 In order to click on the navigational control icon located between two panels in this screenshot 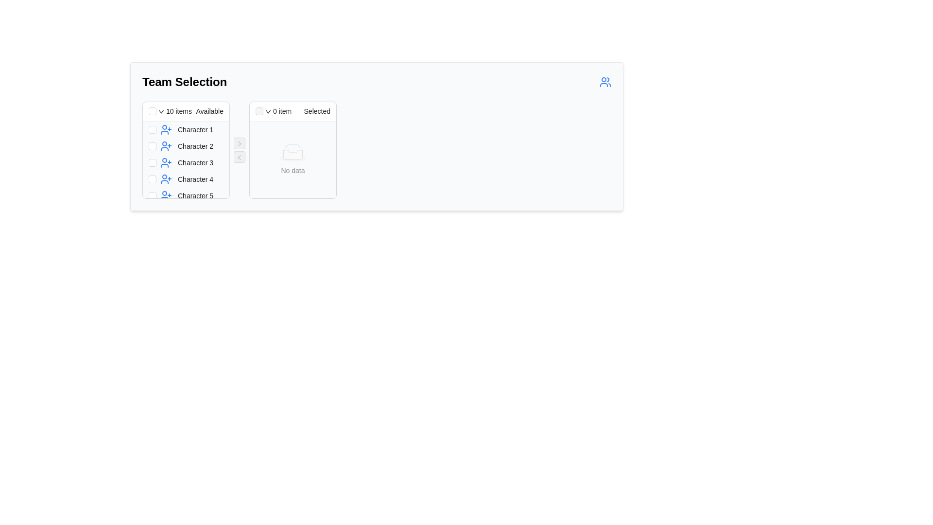, I will do `click(239, 157)`.